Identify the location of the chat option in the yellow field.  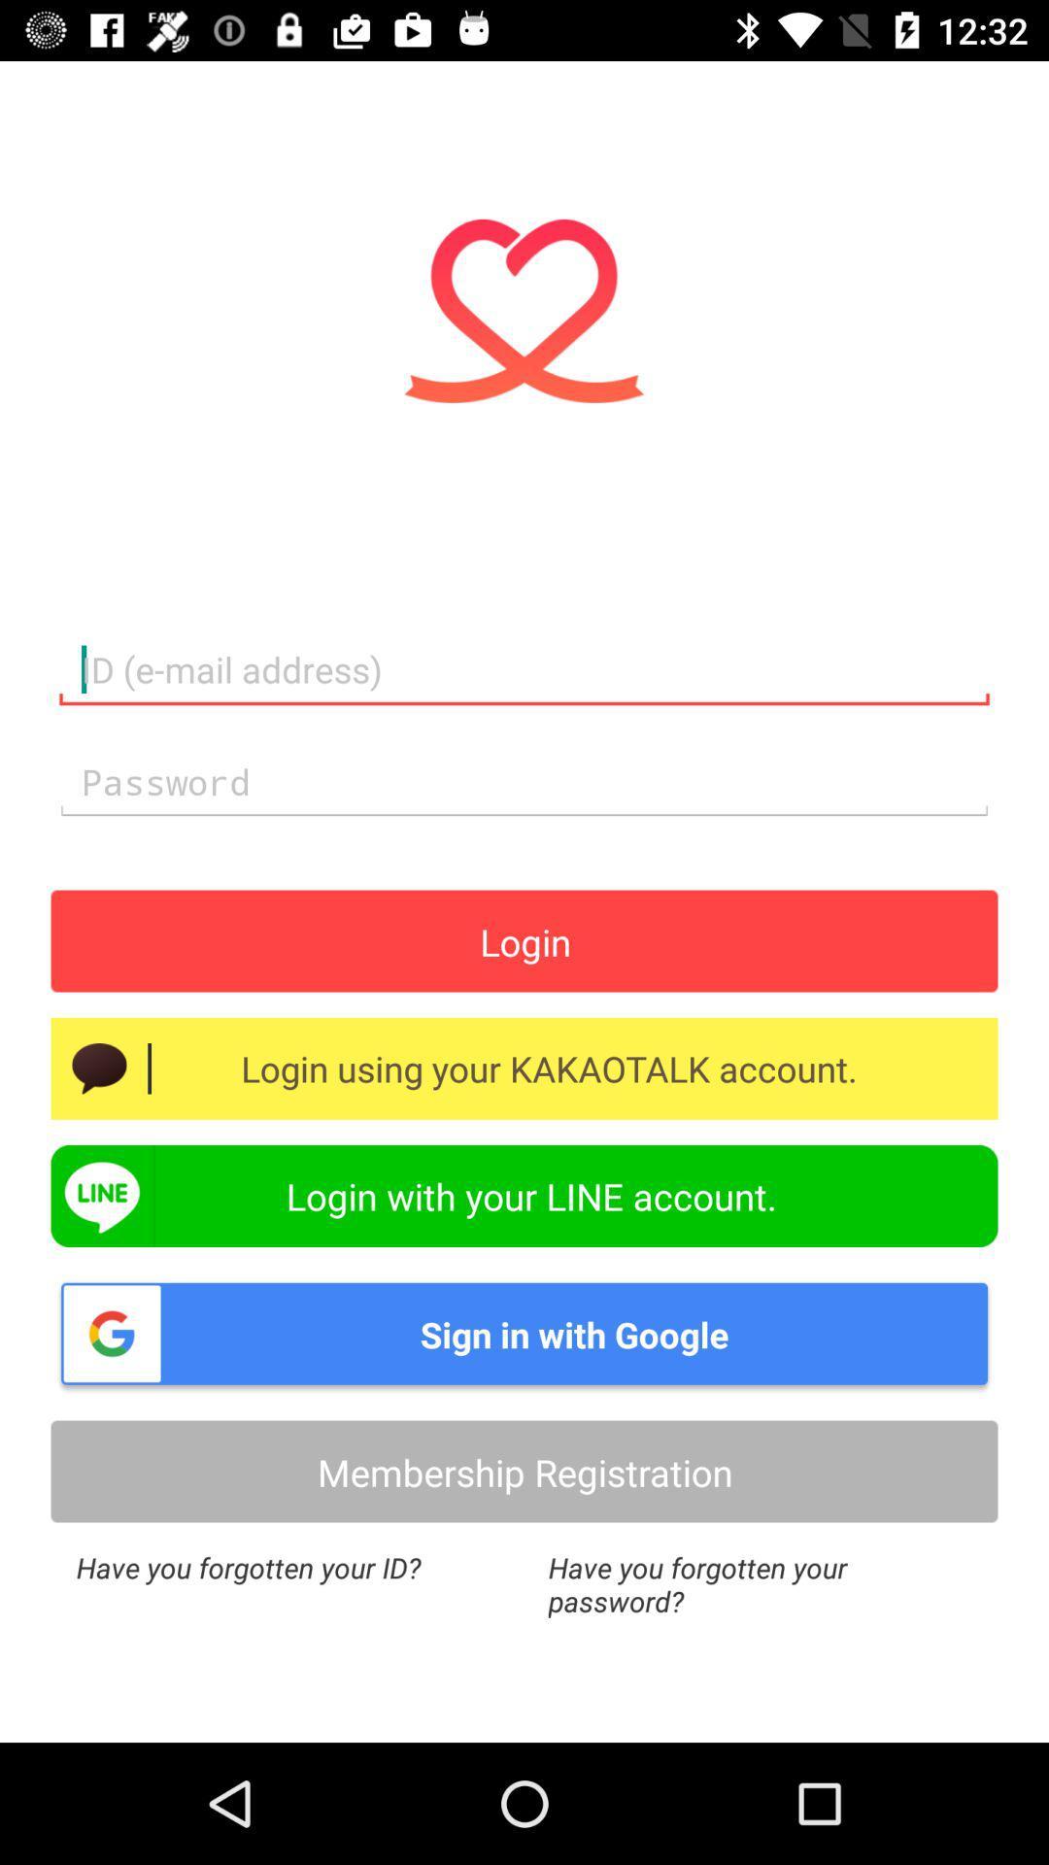
(99, 1068).